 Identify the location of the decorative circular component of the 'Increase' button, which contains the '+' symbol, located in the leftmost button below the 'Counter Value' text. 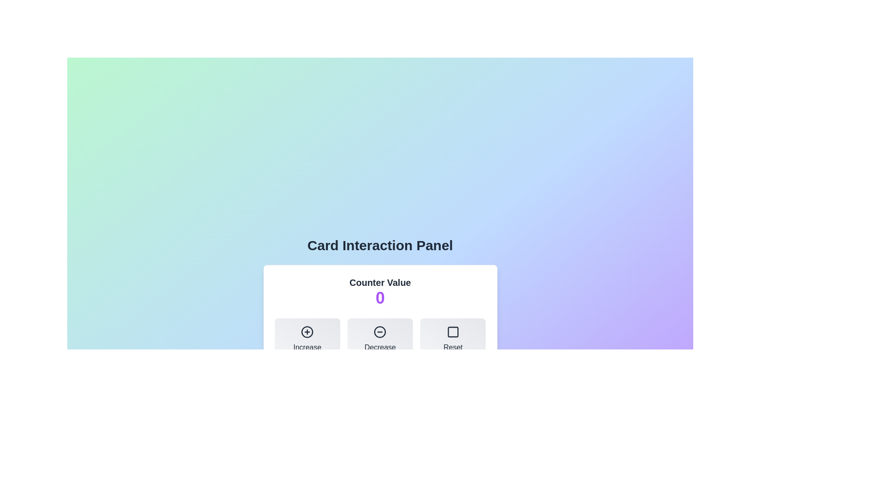
(307, 332).